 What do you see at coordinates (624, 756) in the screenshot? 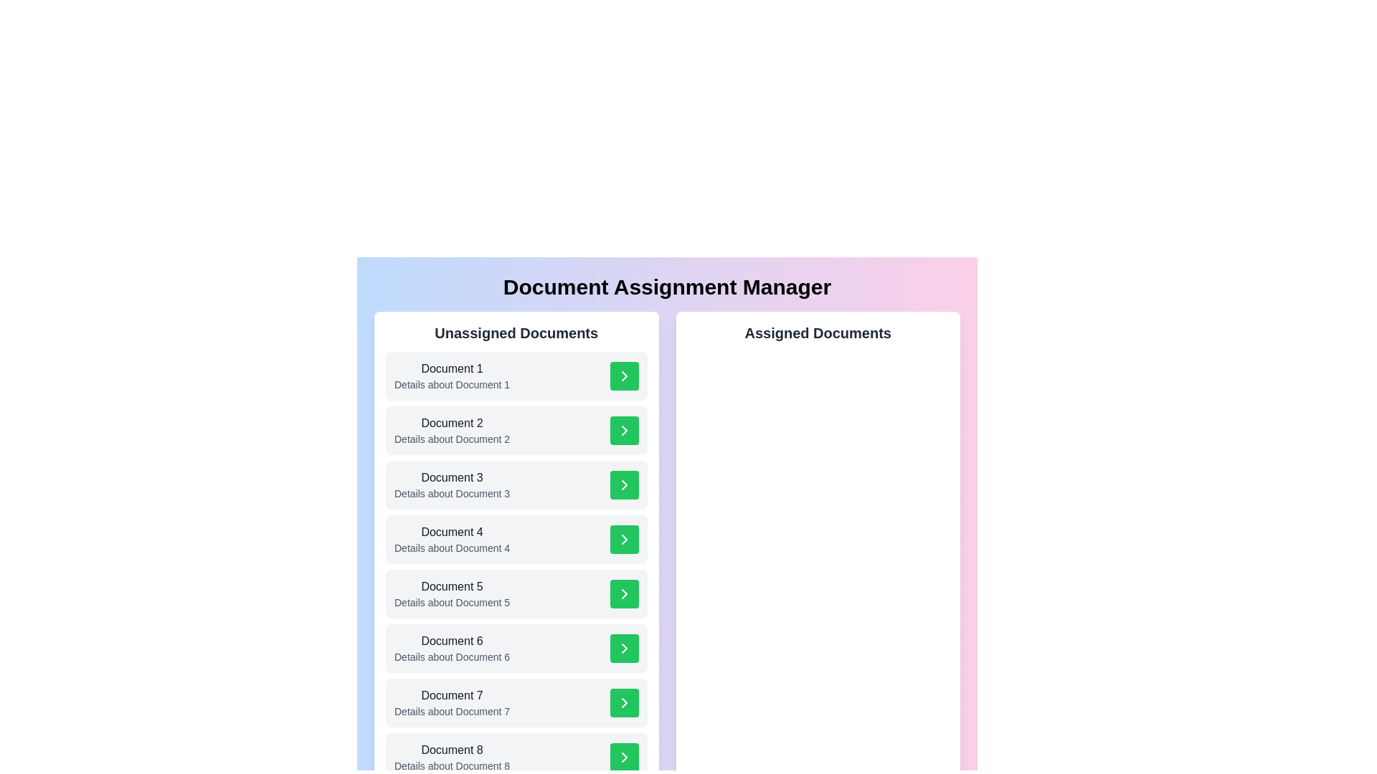
I see `the right-pointing chevron icon within the green button located at the far right of the 'Document 8' card in the 'Unassigned Documents' section` at bounding box center [624, 756].